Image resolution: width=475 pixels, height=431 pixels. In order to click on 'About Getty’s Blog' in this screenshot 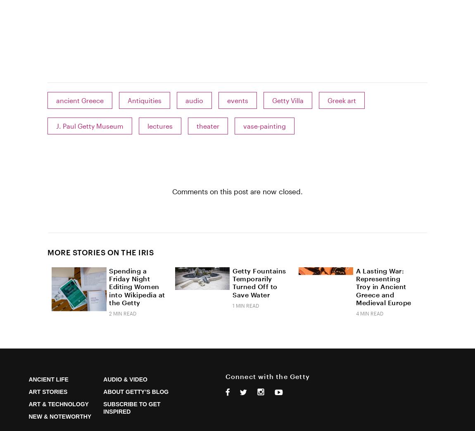, I will do `click(136, 391)`.